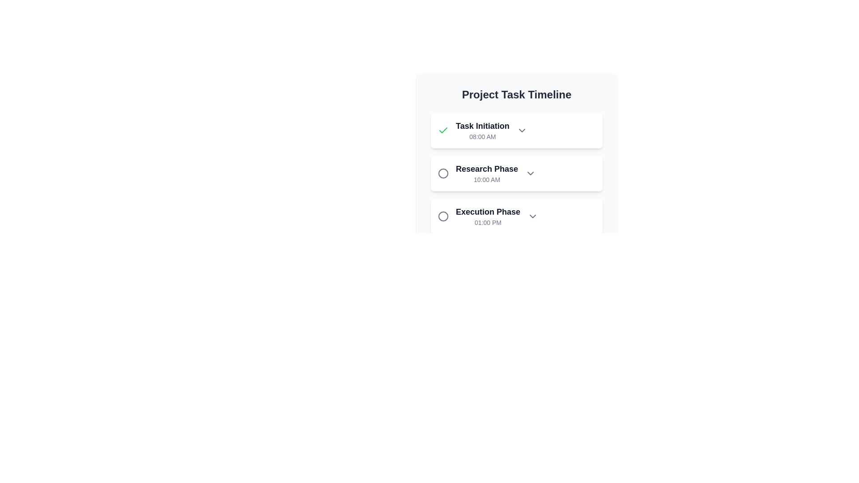 This screenshot has width=859, height=483. What do you see at coordinates (532, 216) in the screenshot?
I see `the downward-pointing chevron icon styled in dark gray, located to the right of the 'Execution Phase' text in the timeline list` at bounding box center [532, 216].